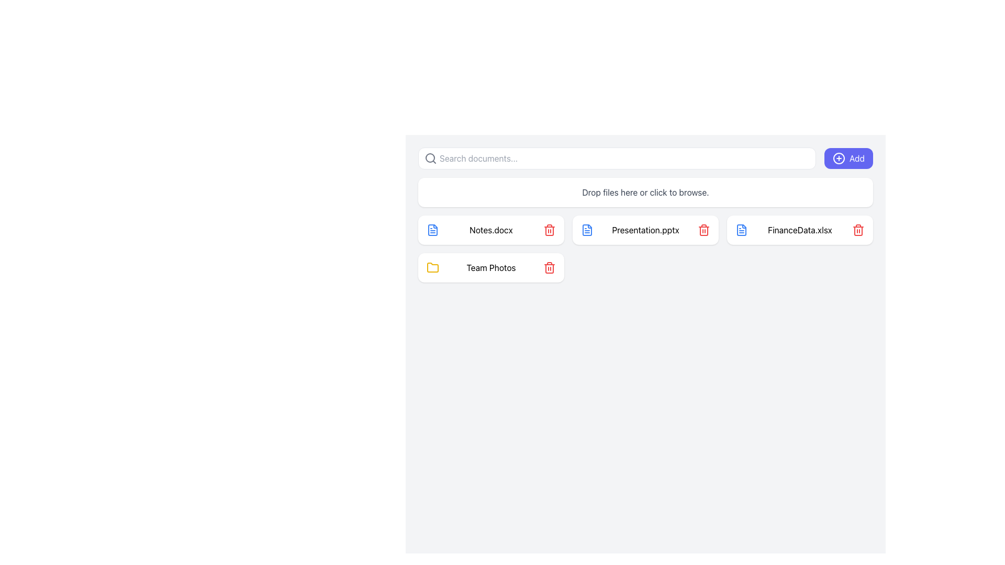 This screenshot has width=1005, height=565. What do you see at coordinates (741, 229) in the screenshot?
I see `the document icon representing the file type for 'FinanceData.xlsx', located at the leftmost side of the card` at bounding box center [741, 229].